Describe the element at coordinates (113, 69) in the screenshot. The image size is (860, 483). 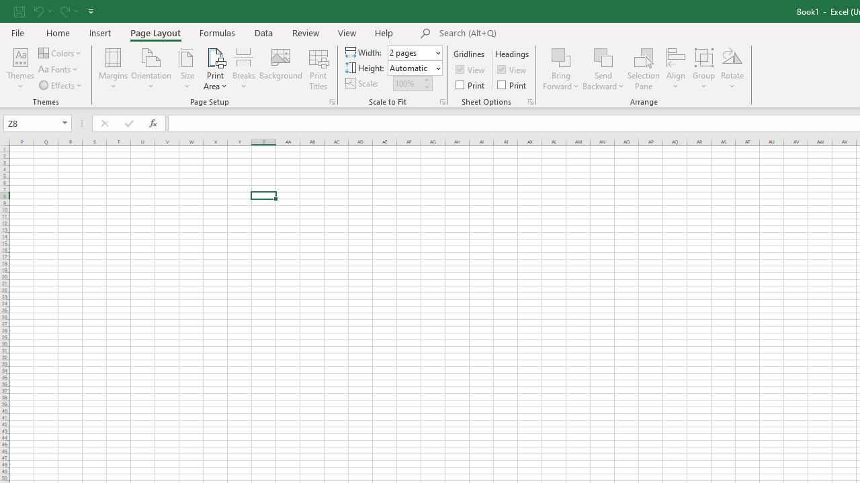
I see `'Margins'` at that location.